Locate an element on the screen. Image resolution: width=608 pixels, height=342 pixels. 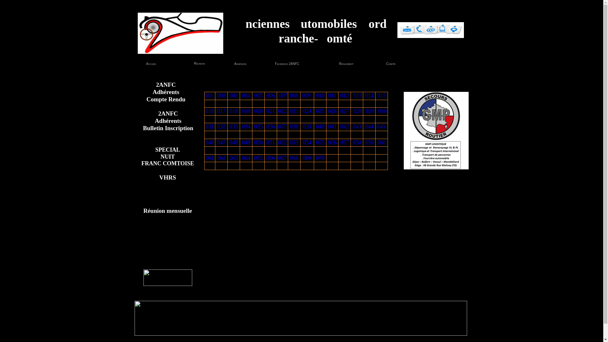
'001 ' is located at coordinates (205, 95).